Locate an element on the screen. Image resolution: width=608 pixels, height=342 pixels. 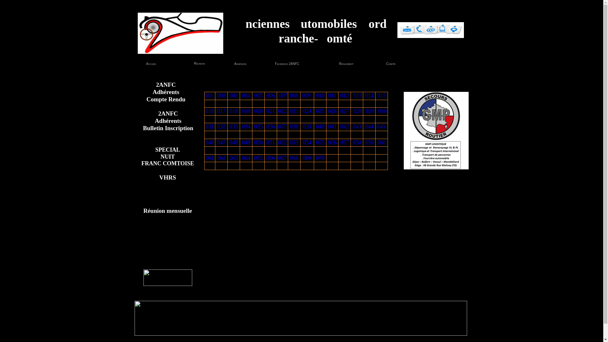
'001 ' is located at coordinates (205, 95).